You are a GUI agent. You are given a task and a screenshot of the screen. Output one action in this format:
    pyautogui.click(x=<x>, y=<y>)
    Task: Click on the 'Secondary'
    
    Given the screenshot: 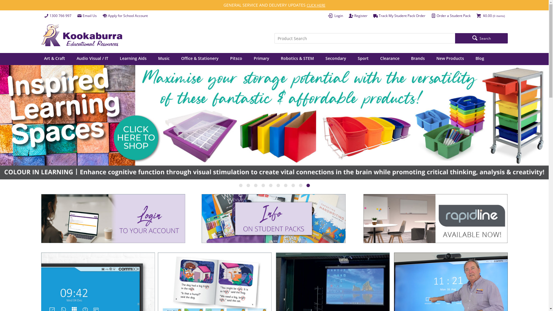 What is the action you would take?
    pyautogui.click(x=336, y=59)
    